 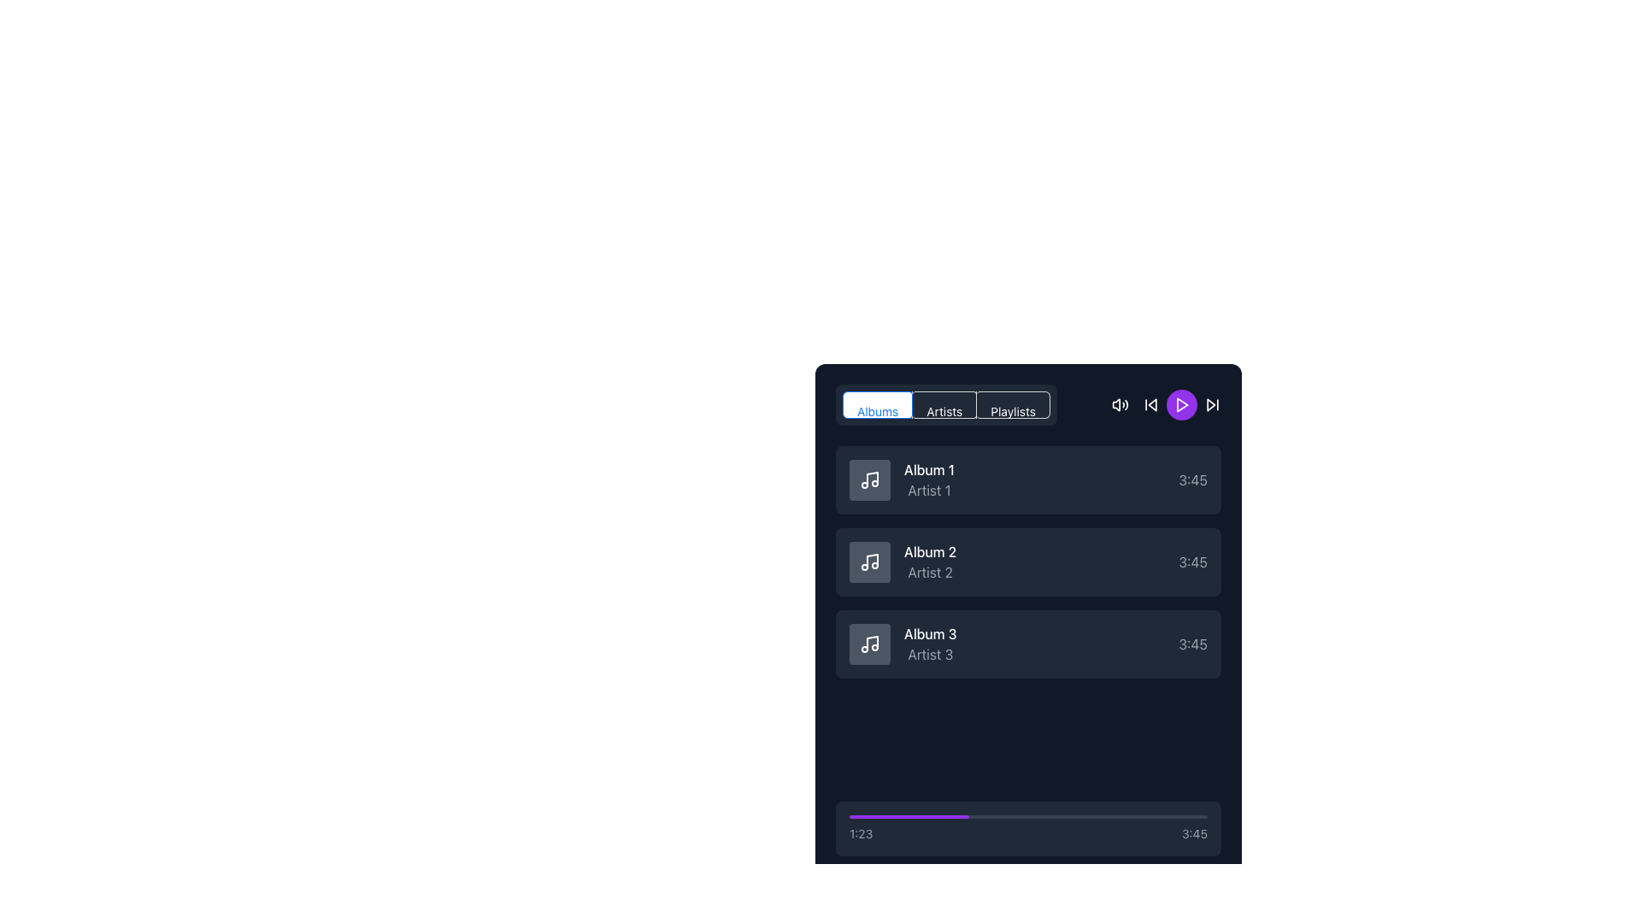 What do you see at coordinates (908, 816) in the screenshot?
I see `the purple horizontal progress indicator bar located within a larger gray bar near the bottom section of the interface` at bounding box center [908, 816].